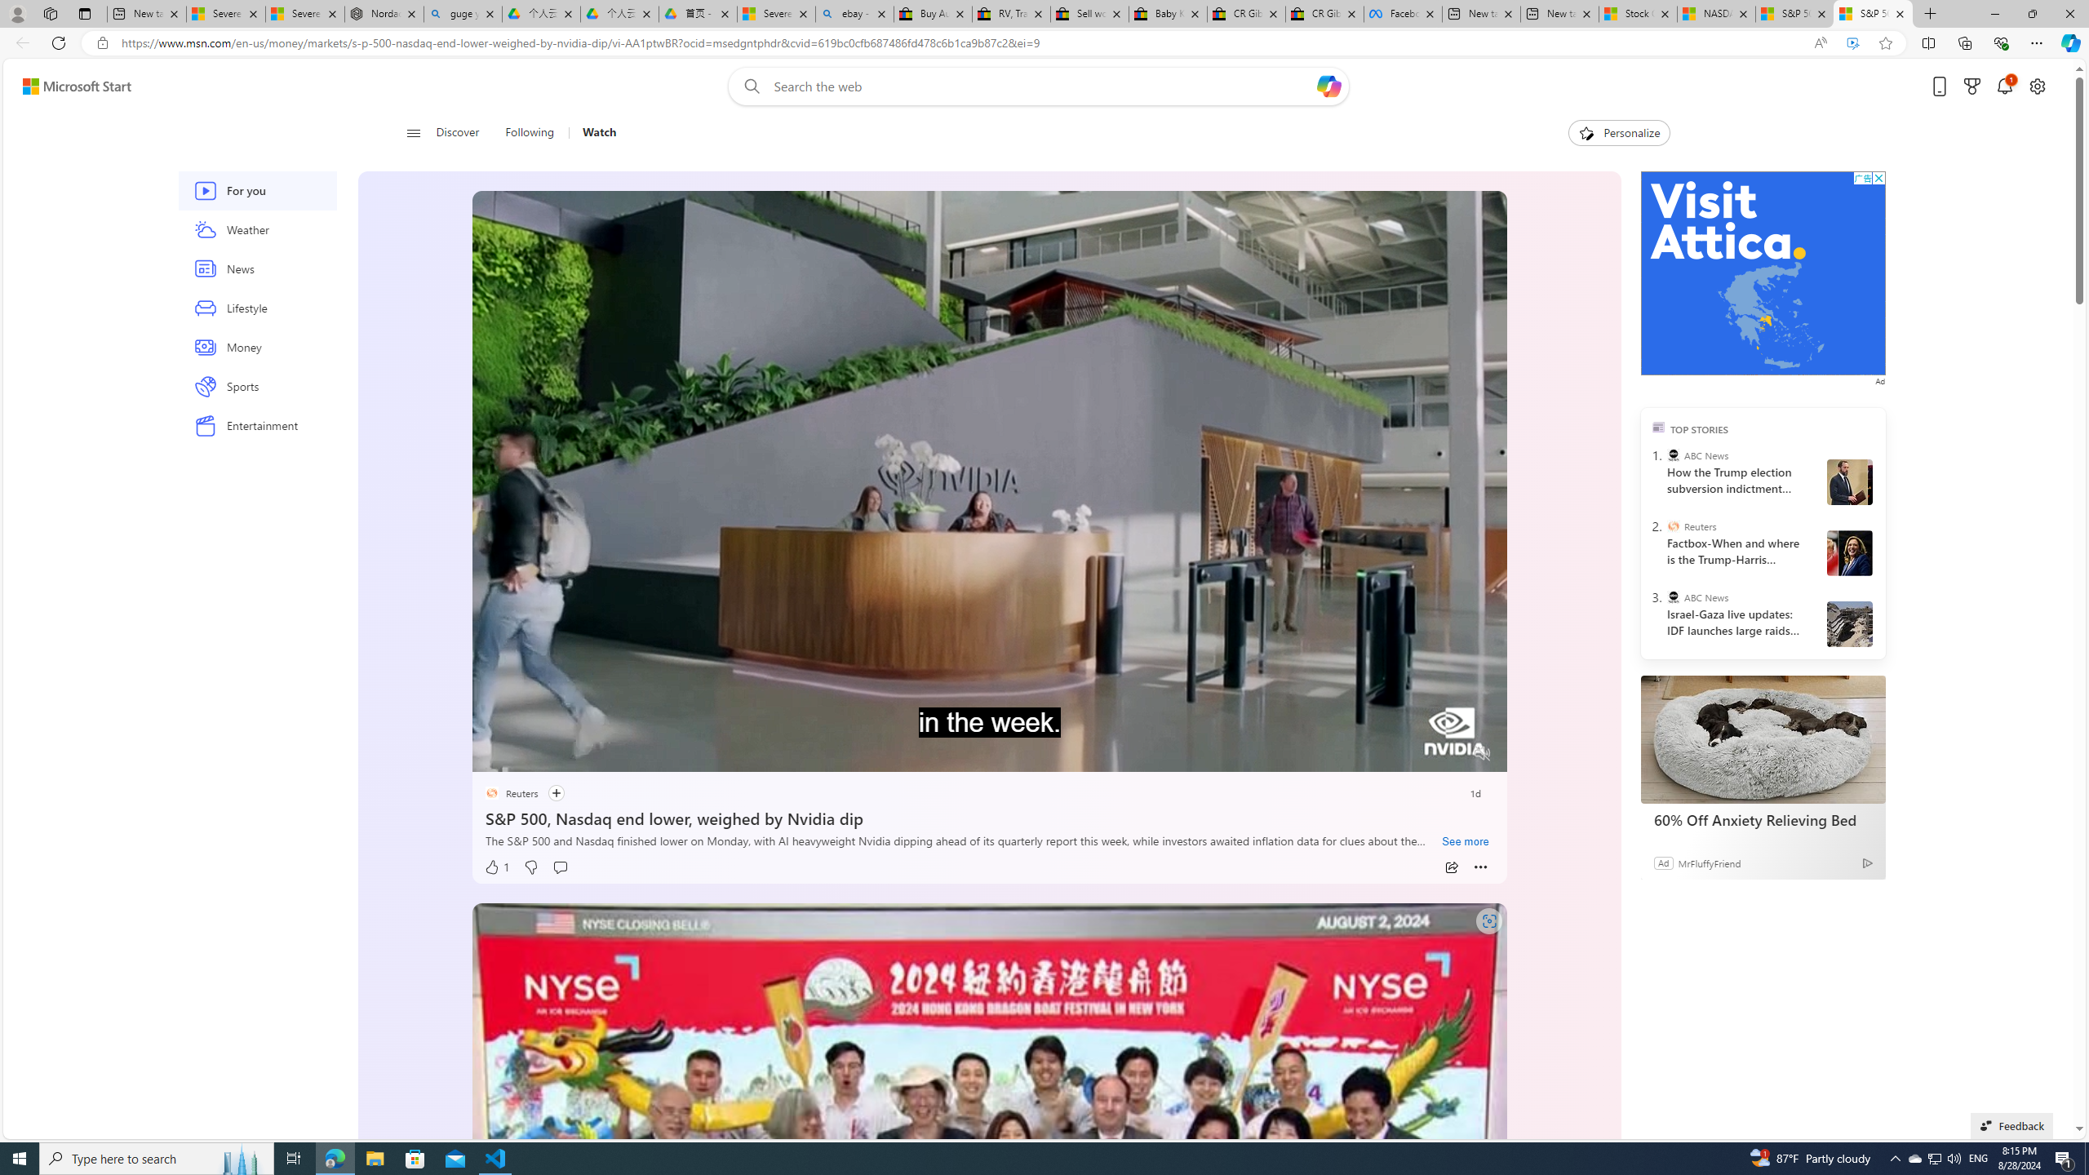 The image size is (2089, 1175). I want to click on 'Sell worldwide with eBay', so click(1090, 13).